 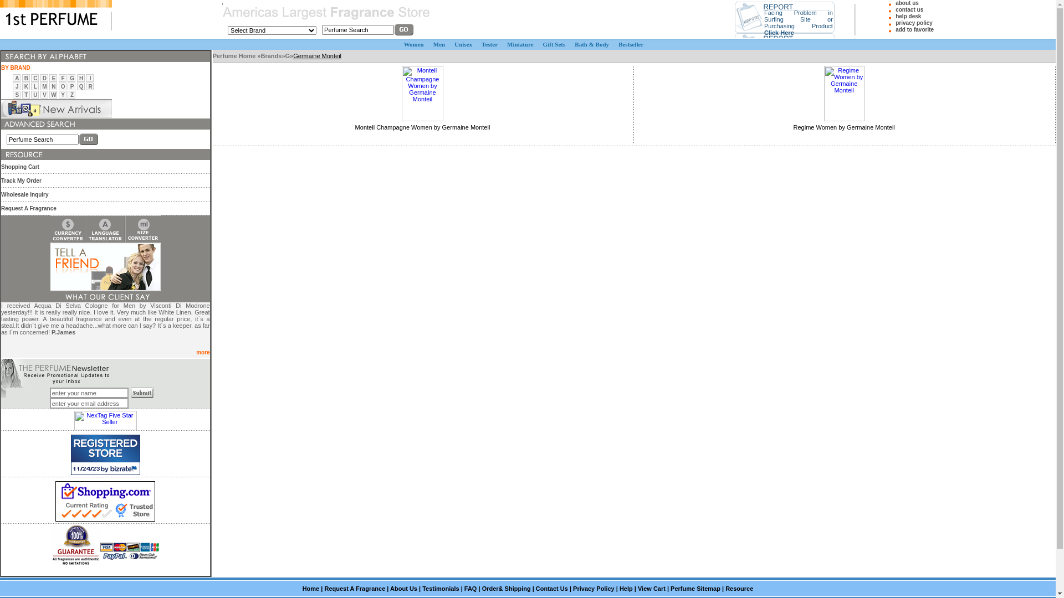 I want to click on 'Shopping Cart', so click(x=20, y=167).